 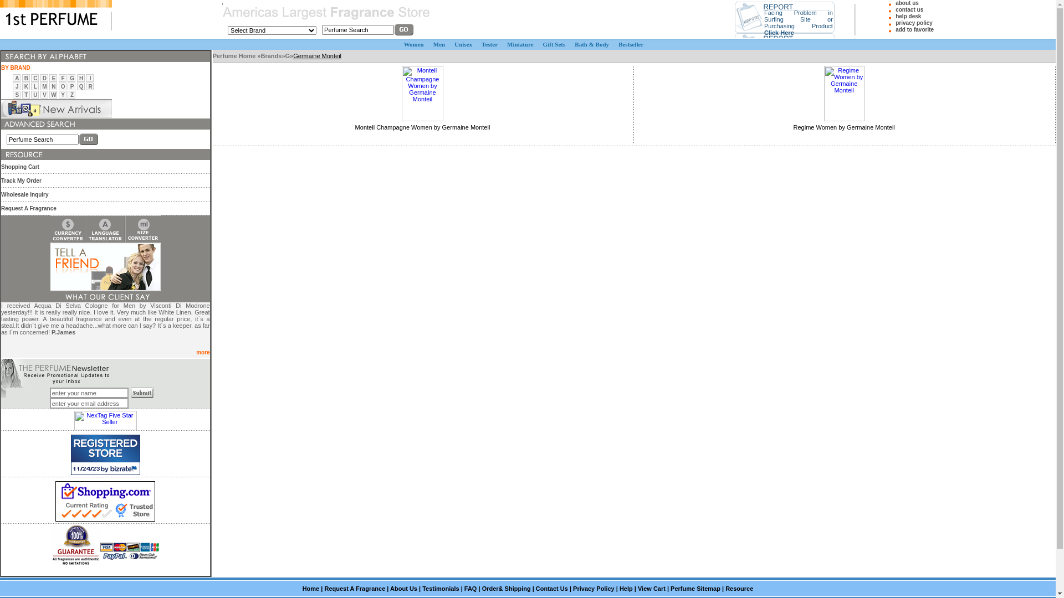 I want to click on 'Shopping Cart', so click(x=20, y=167).